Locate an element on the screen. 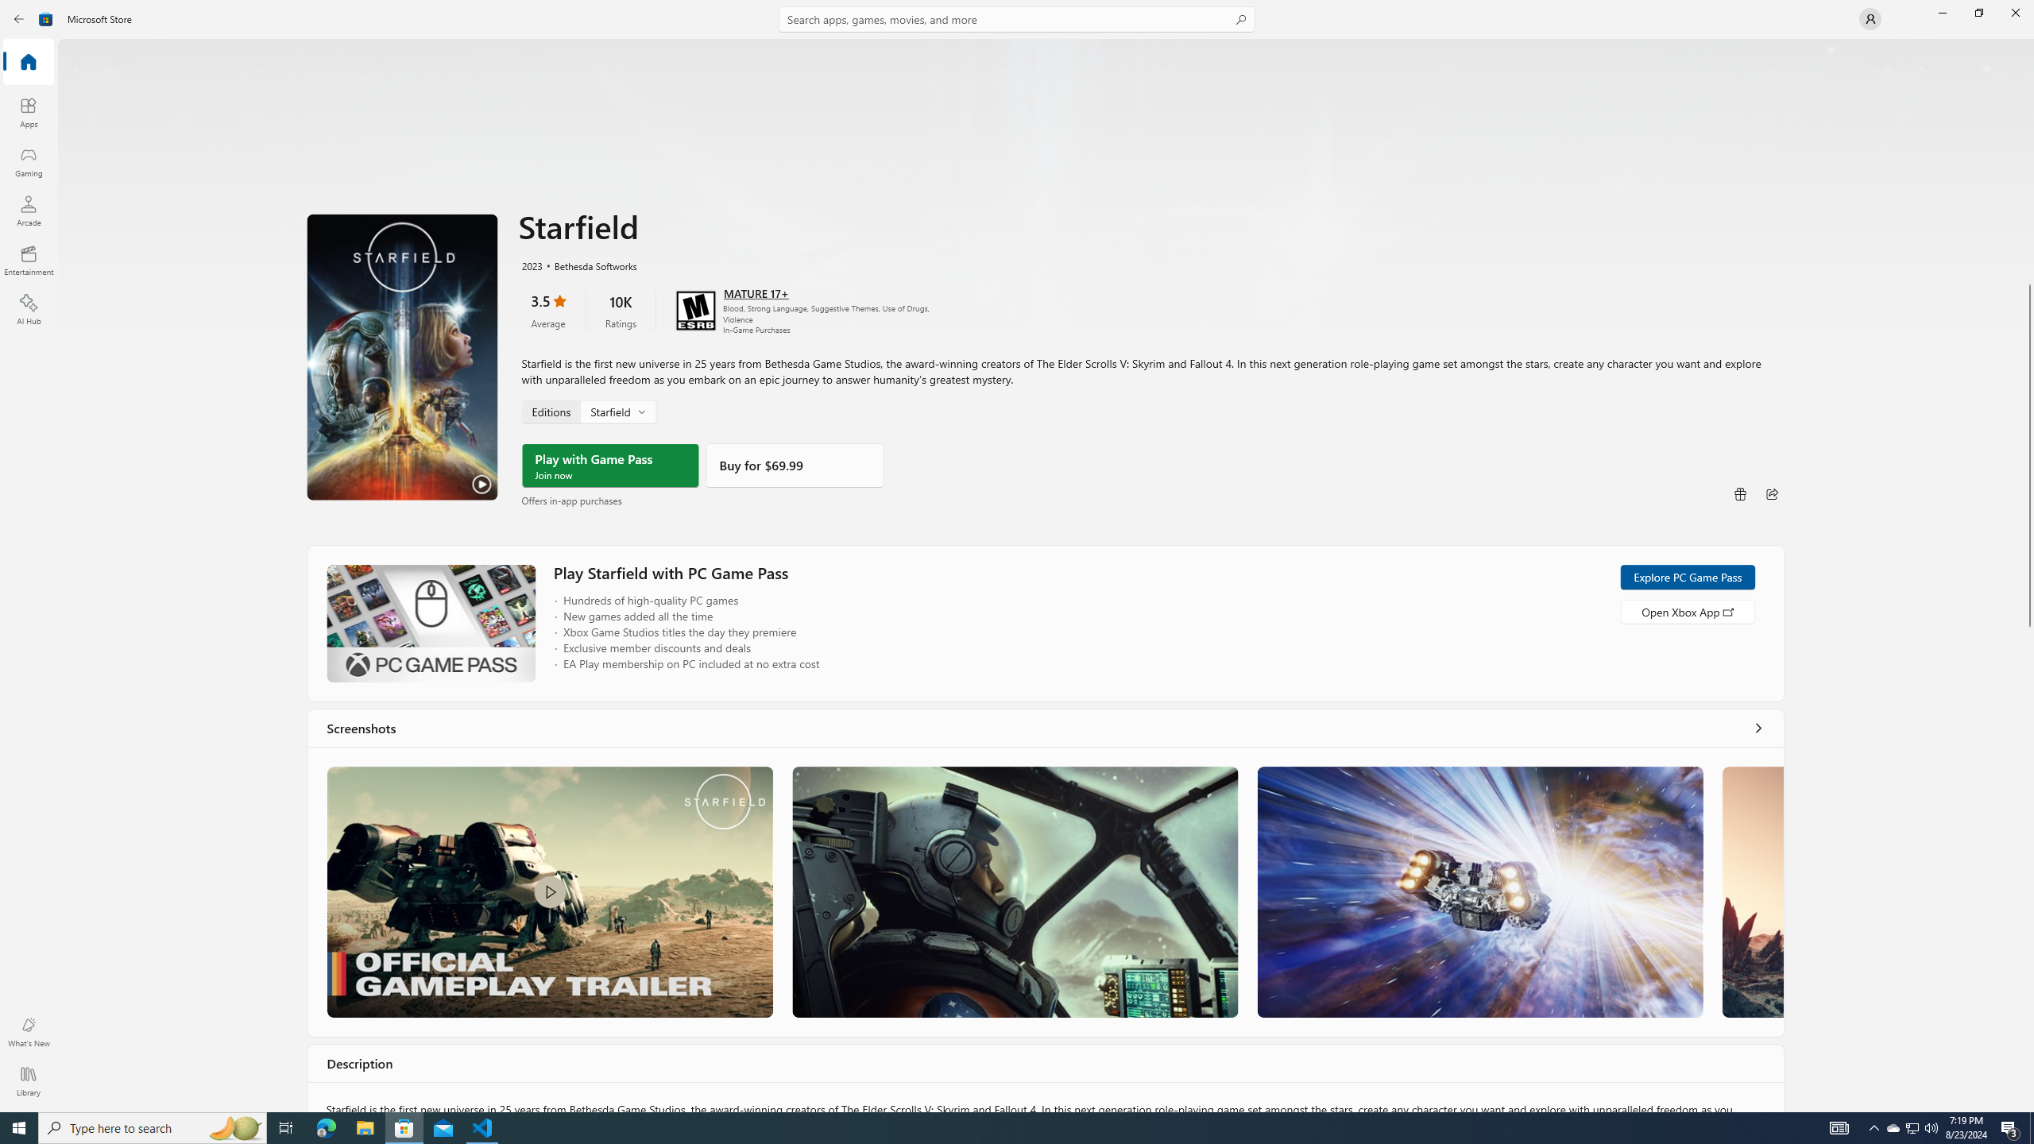 The width and height of the screenshot is (2034, 1144). 'Open Xbox App' is located at coordinates (1687, 611).